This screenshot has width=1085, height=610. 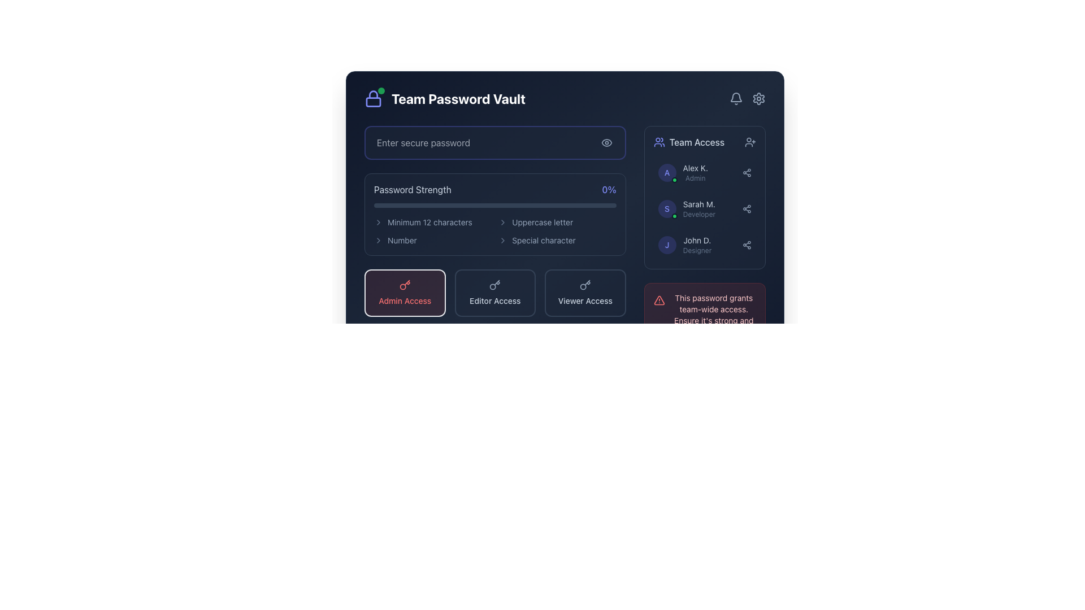 What do you see at coordinates (695, 172) in the screenshot?
I see `the text element displaying the user's name 'Alex K.' and role 'Admin' in the 'Team Access' panel, located at the top of the vertical list of user roles` at bounding box center [695, 172].